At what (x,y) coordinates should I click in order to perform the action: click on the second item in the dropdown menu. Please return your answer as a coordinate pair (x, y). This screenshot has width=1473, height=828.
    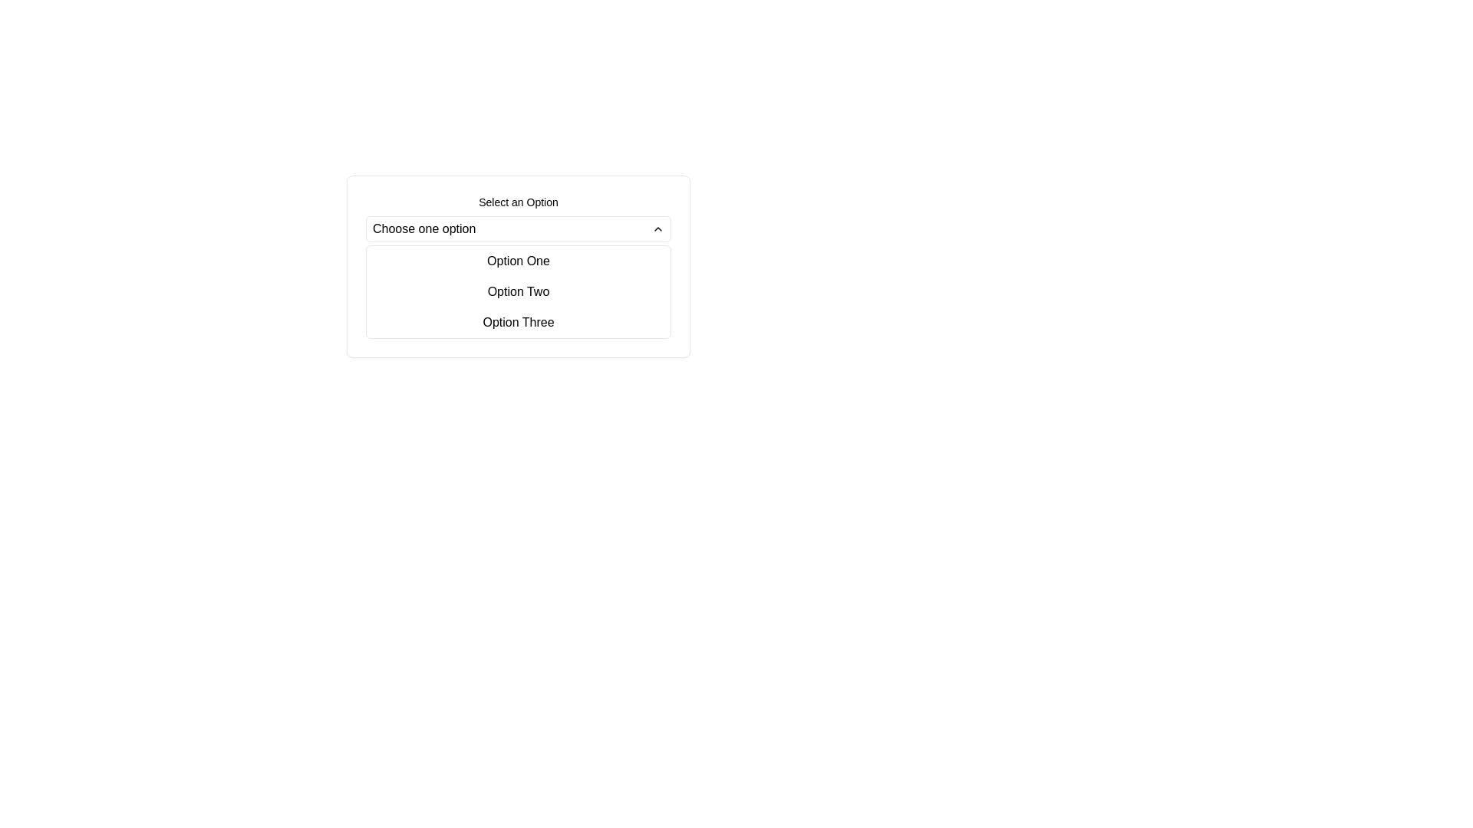
    Looking at the image, I should click on (519, 292).